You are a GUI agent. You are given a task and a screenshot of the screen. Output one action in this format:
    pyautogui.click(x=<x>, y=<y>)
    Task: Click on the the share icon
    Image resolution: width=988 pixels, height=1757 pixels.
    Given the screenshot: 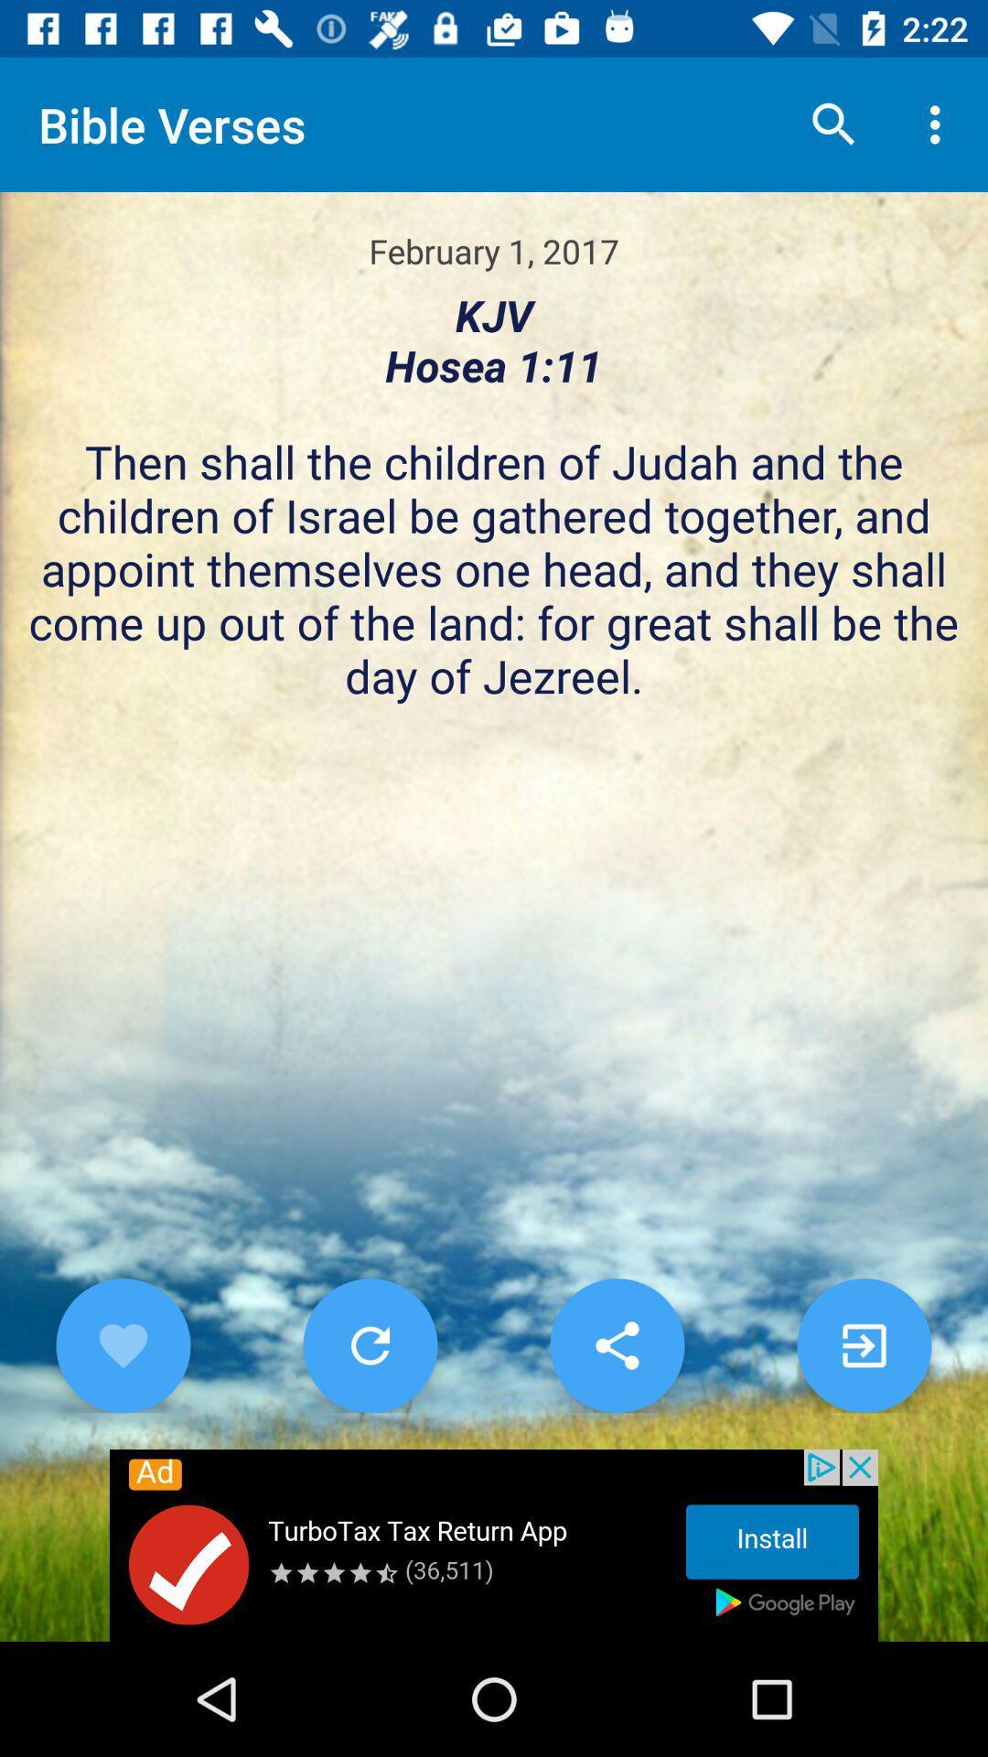 What is the action you would take?
    pyautogui.click(x=617, y=1345)
    